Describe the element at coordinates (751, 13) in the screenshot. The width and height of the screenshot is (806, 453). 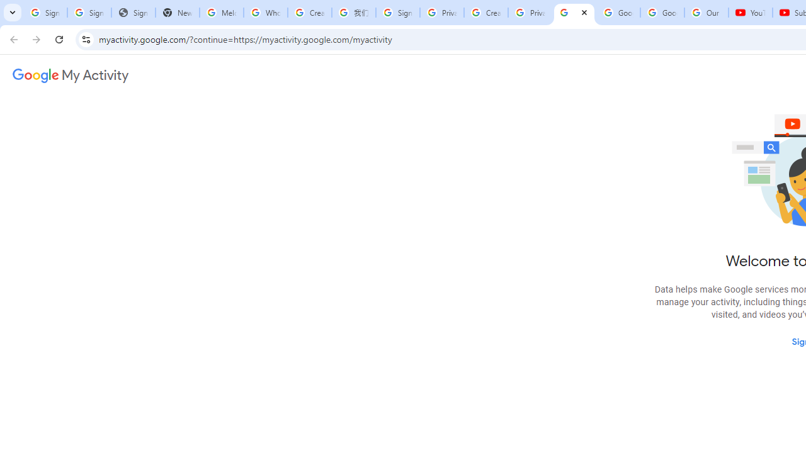
I see `'YouTube'` at that location.